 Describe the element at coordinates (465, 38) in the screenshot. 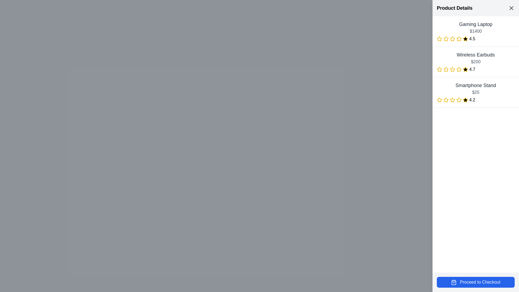

I see `the fourth star in the 5-star rating system for the 'Gaming Laptop' product entry` at that location.